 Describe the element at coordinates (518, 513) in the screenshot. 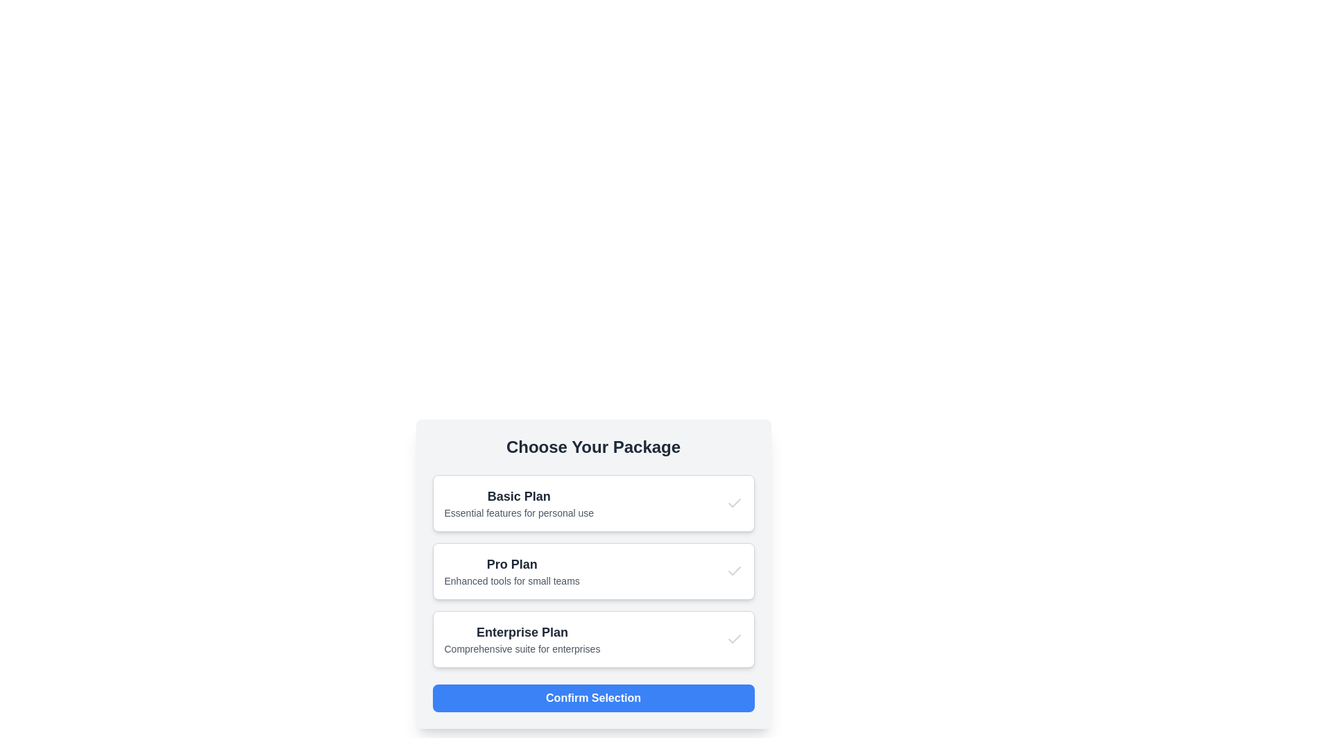

I see `the text label that reads 'Essential features for personal use', which is styled in gray and located below the 'Basic Plan' heading` at that location.